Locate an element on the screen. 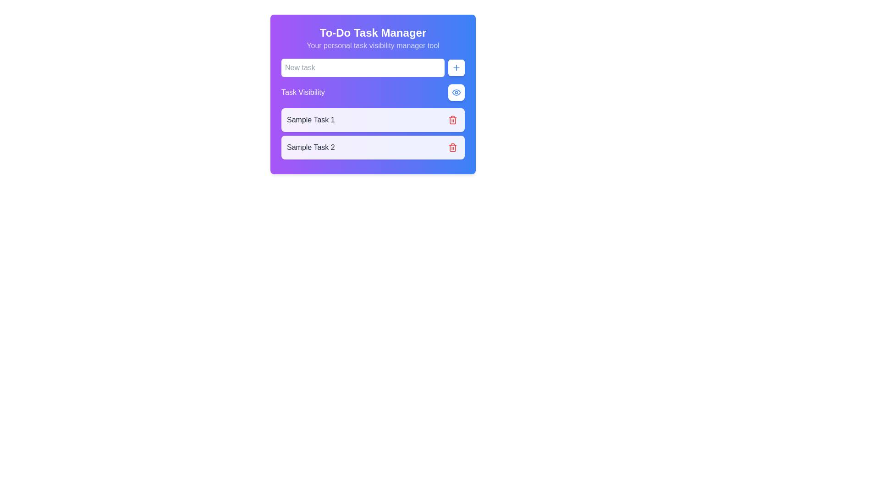 The width and height of the screenshot is (880, 495). the square button with a white background and blue plus icon, located next to the 'New task' text input field is located at coordinates (456, 67).